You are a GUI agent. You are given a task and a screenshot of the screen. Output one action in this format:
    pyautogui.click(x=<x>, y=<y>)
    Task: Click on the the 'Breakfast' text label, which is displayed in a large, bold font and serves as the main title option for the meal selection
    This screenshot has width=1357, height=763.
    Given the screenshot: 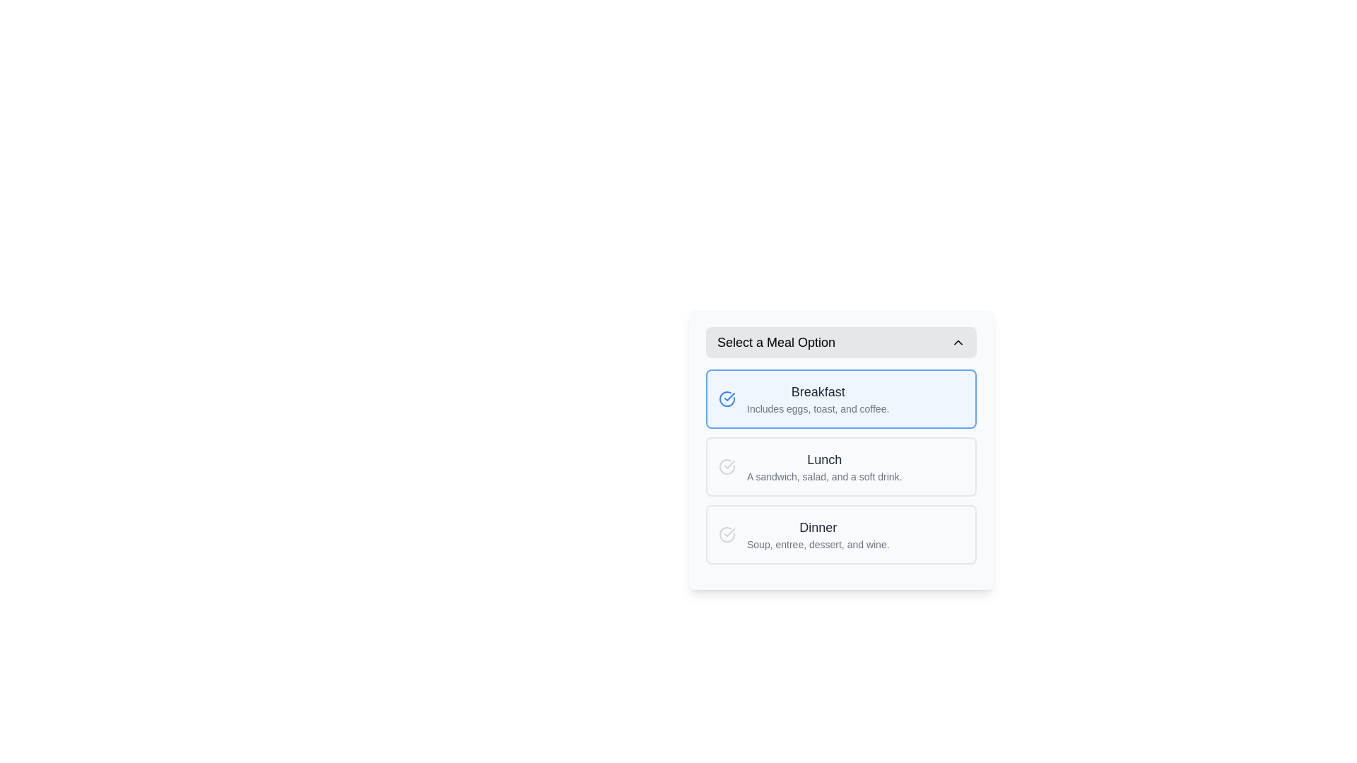 What is the action you would take?
    pyautogui.click(x=818, y=392)
    